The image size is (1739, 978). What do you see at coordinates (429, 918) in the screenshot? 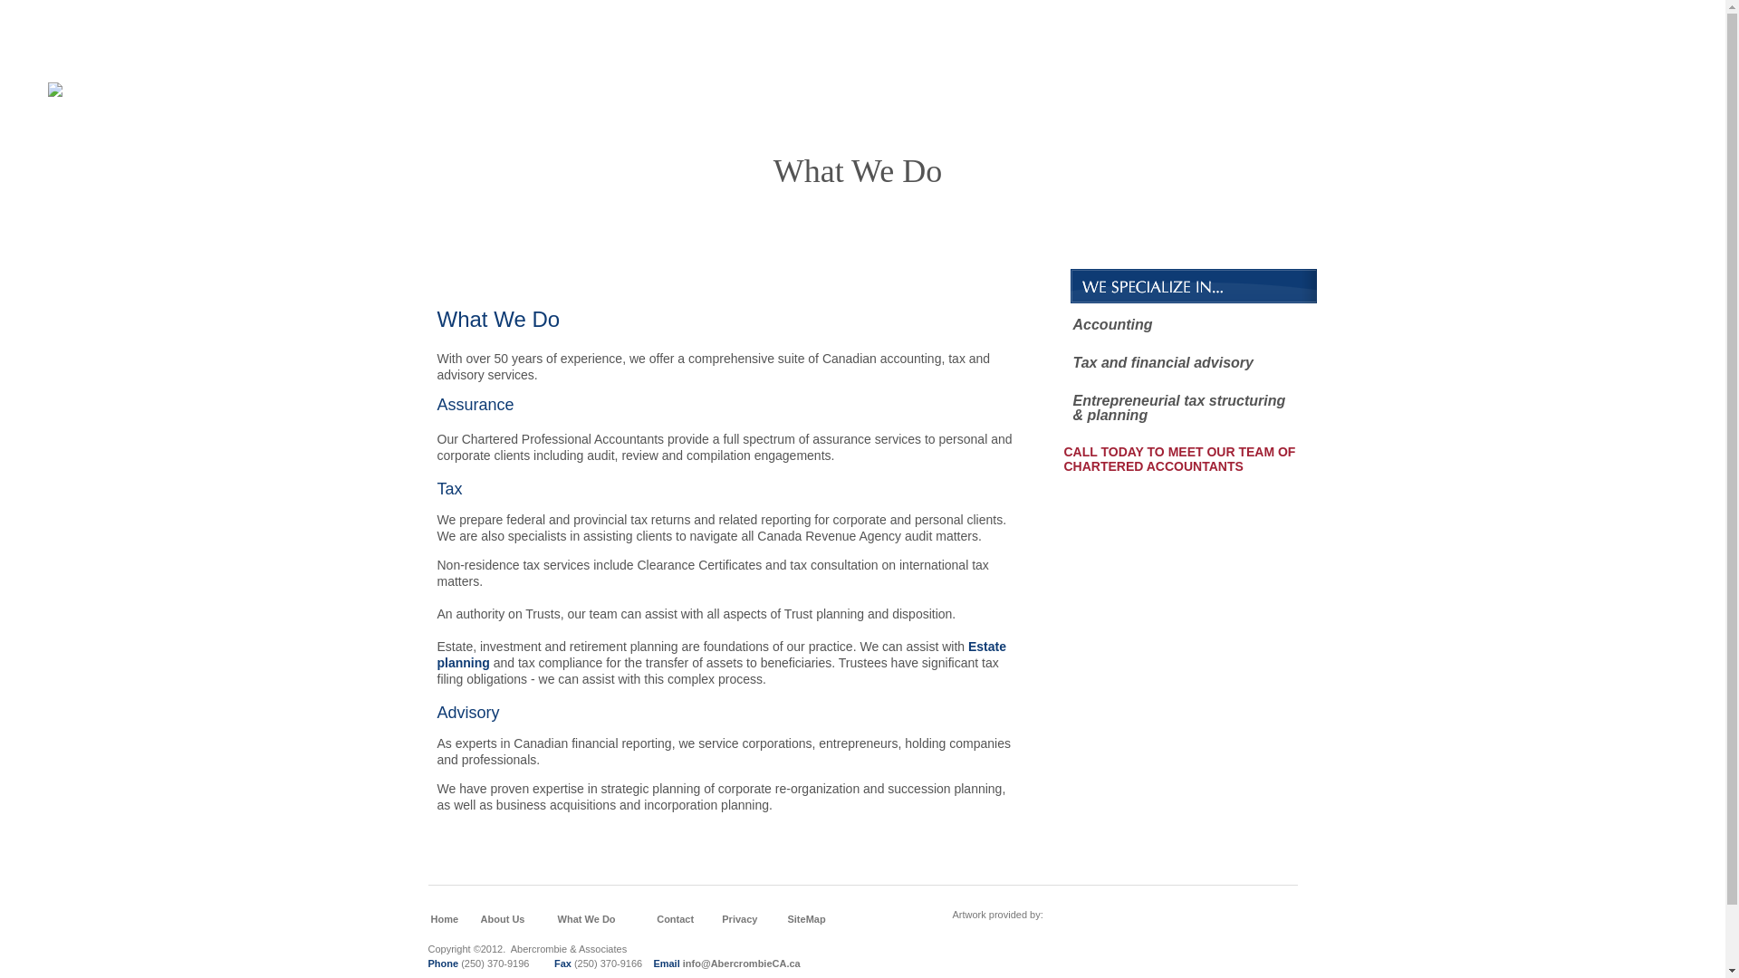
I see `'Home'` at bounding box center [429, 918].